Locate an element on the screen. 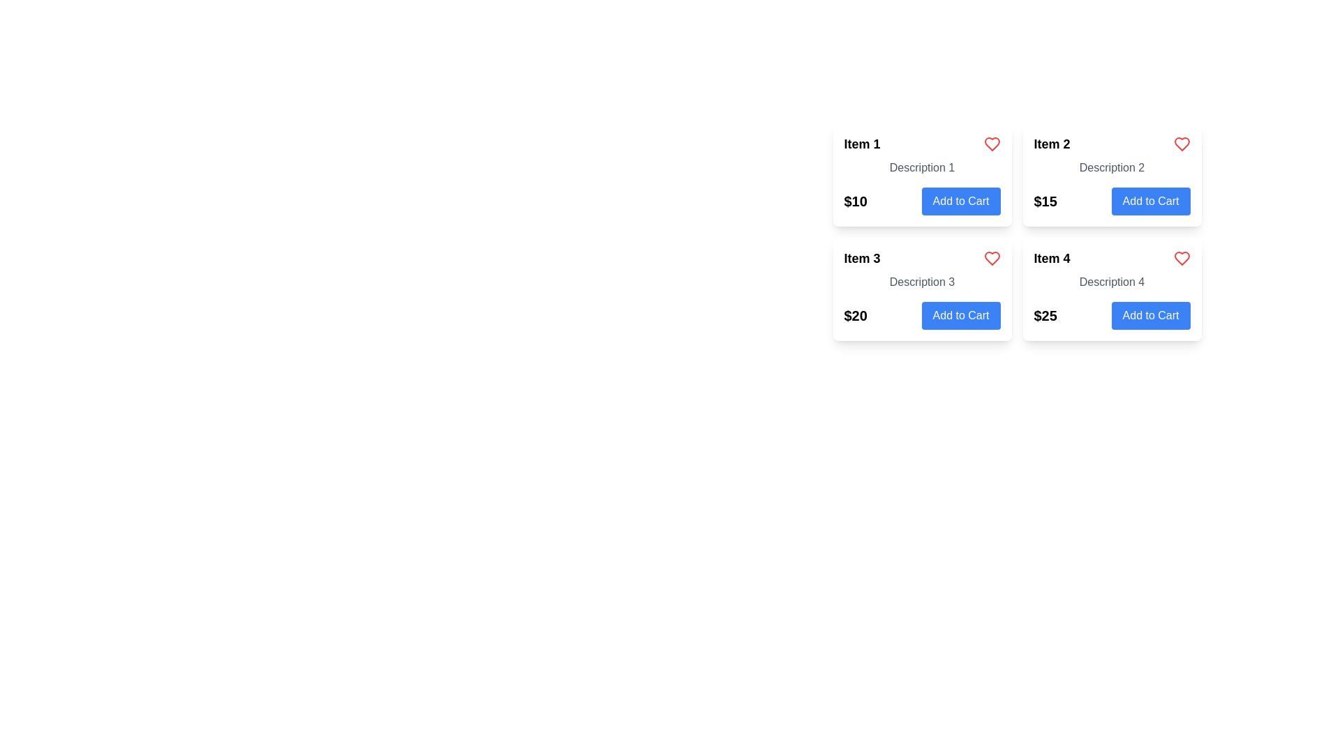  the title 'Item 4' at the bottom-right of the grid to select it for potential editing is located at coordinates (1111, 258).